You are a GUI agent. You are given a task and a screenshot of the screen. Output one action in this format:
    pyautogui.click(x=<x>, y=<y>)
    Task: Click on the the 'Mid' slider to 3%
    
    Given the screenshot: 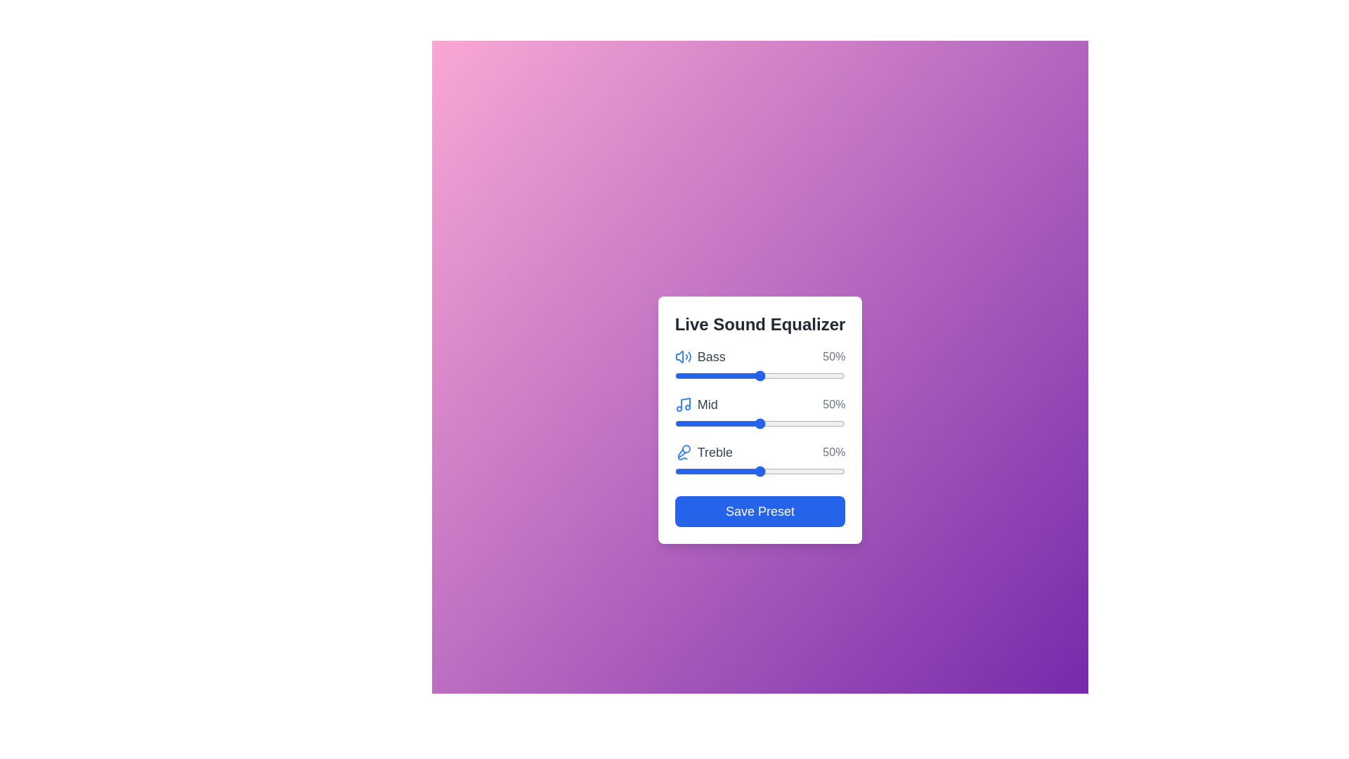 What is the action you would take?
    pyautogui.click(x=679, y=422)
    